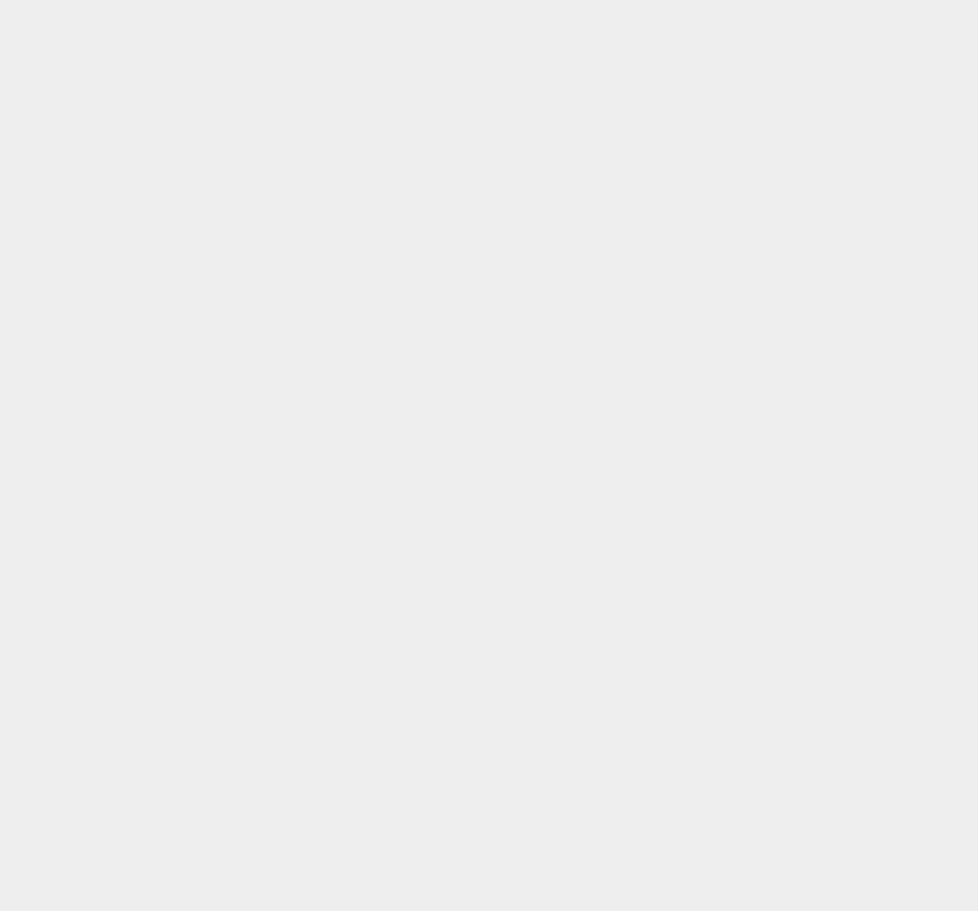 The height and width of the screenshot is (911, 978). What do you see at coordinates (707, 430) in the screenshot?
I see `'Oracle'` at bounding box center [707, 430].